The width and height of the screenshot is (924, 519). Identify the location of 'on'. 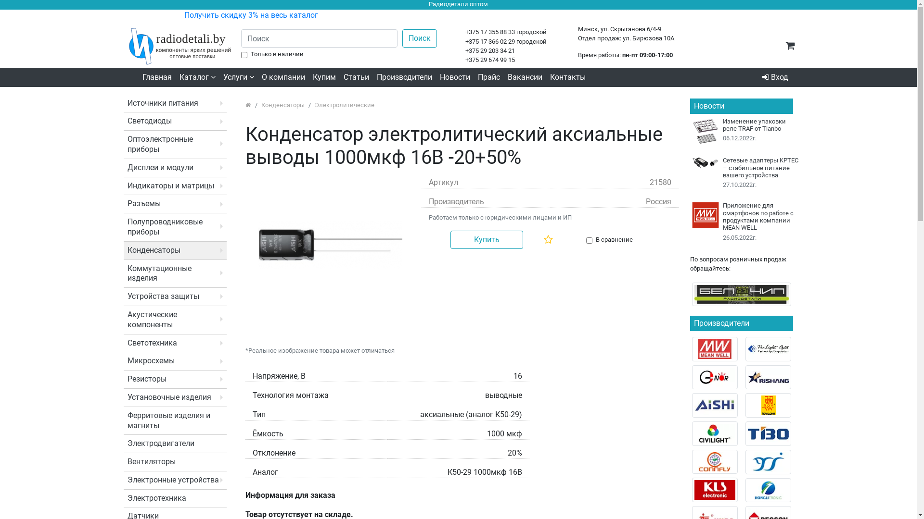
(586, 240).